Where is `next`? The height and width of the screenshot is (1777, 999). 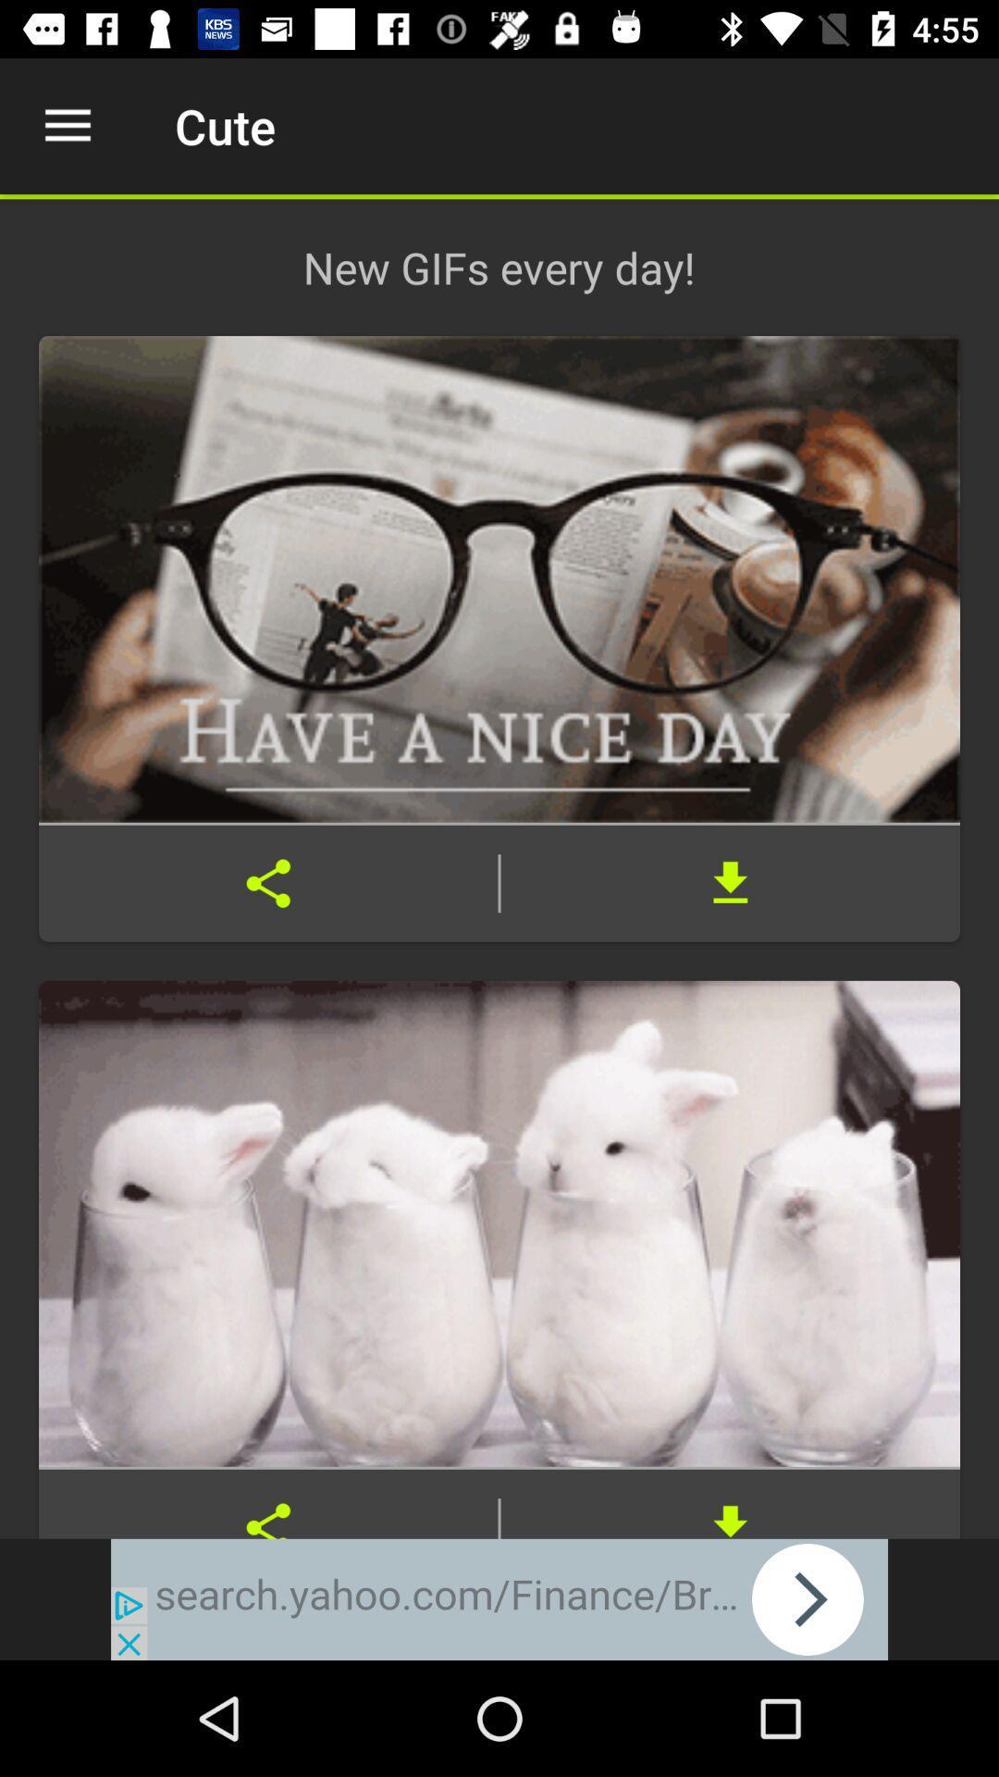
next is located at coordinates (499, 1598).